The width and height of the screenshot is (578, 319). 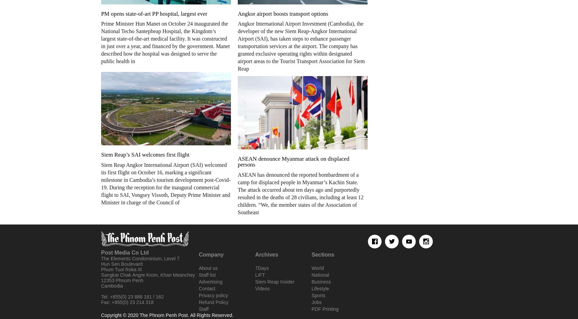 I want to click on 'World', so click(x=317, y=267).